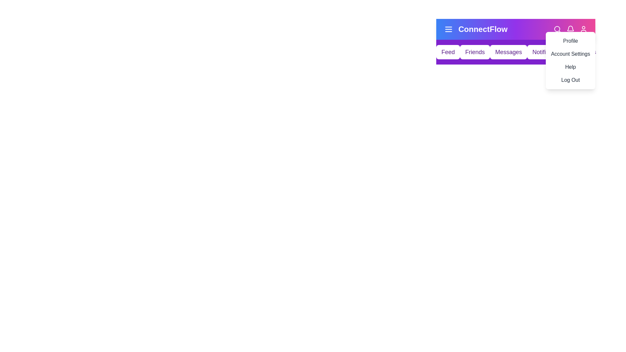  I want to click on the Account Settings in the profile menu, so click(570, 53).